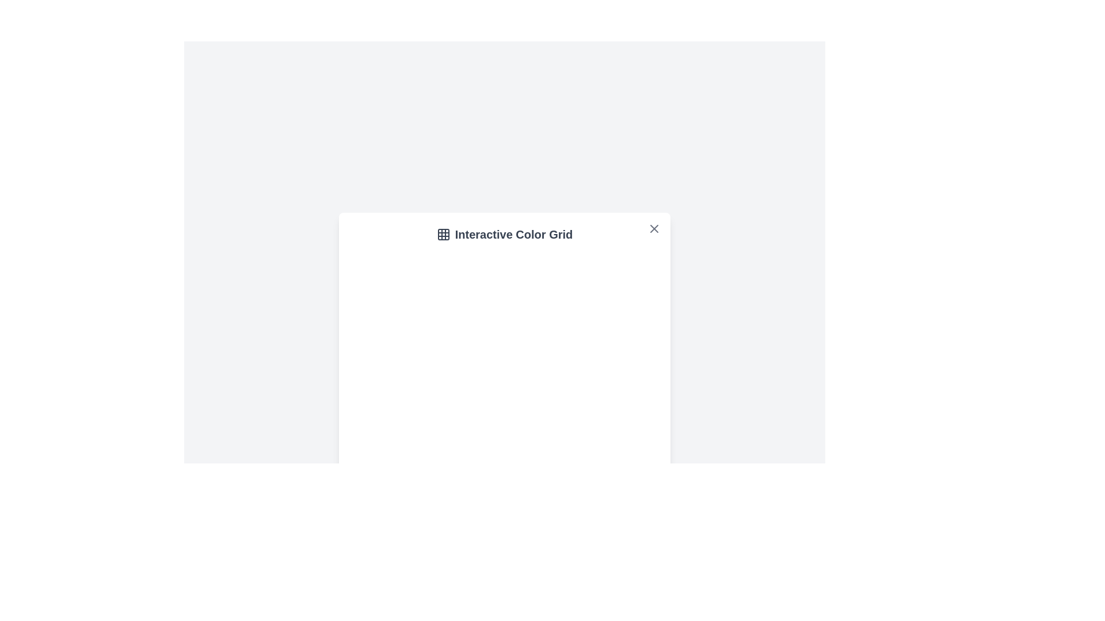  Describe the element at coordinates (443, 234) in the screenshot. I see `the icon next to the title of the dialog` at that location.